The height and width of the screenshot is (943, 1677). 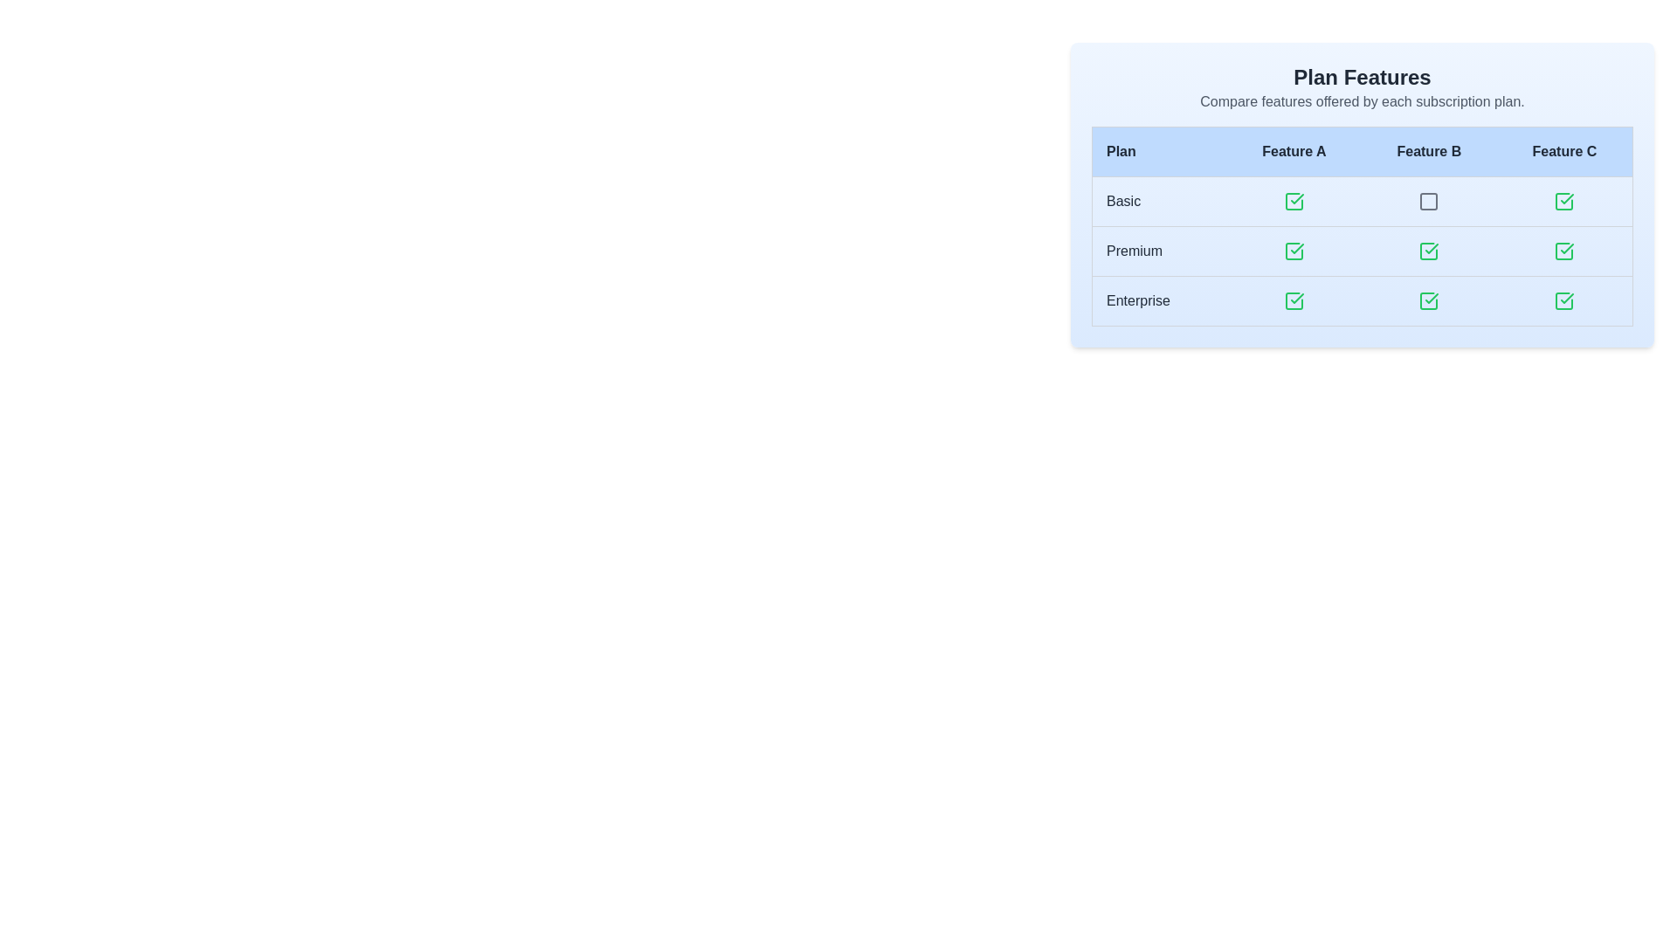 I want to click on the Checkbox element that contains a centered green checkmark icon, indicating a selected status, located in the third row and second column of the table under 'Feature A' and aligned with the 'Enterprise' row, so click(x=1294, y=299).